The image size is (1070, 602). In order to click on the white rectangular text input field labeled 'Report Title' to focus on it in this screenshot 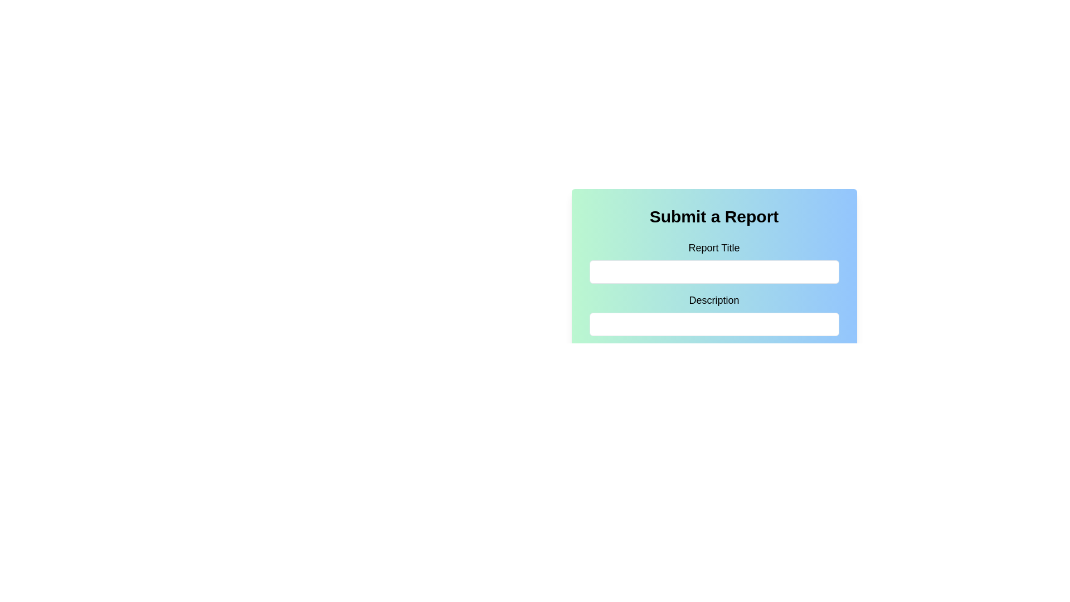, I will do `click(714, 259)`.